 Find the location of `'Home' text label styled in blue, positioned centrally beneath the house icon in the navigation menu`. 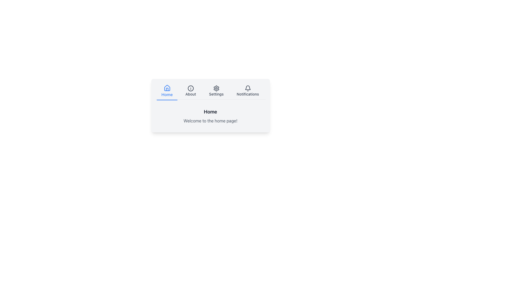

'Home' text label styled in blue, positioned centrally beneath the house icon in the navigation menu is located at coordinates (167, 94).